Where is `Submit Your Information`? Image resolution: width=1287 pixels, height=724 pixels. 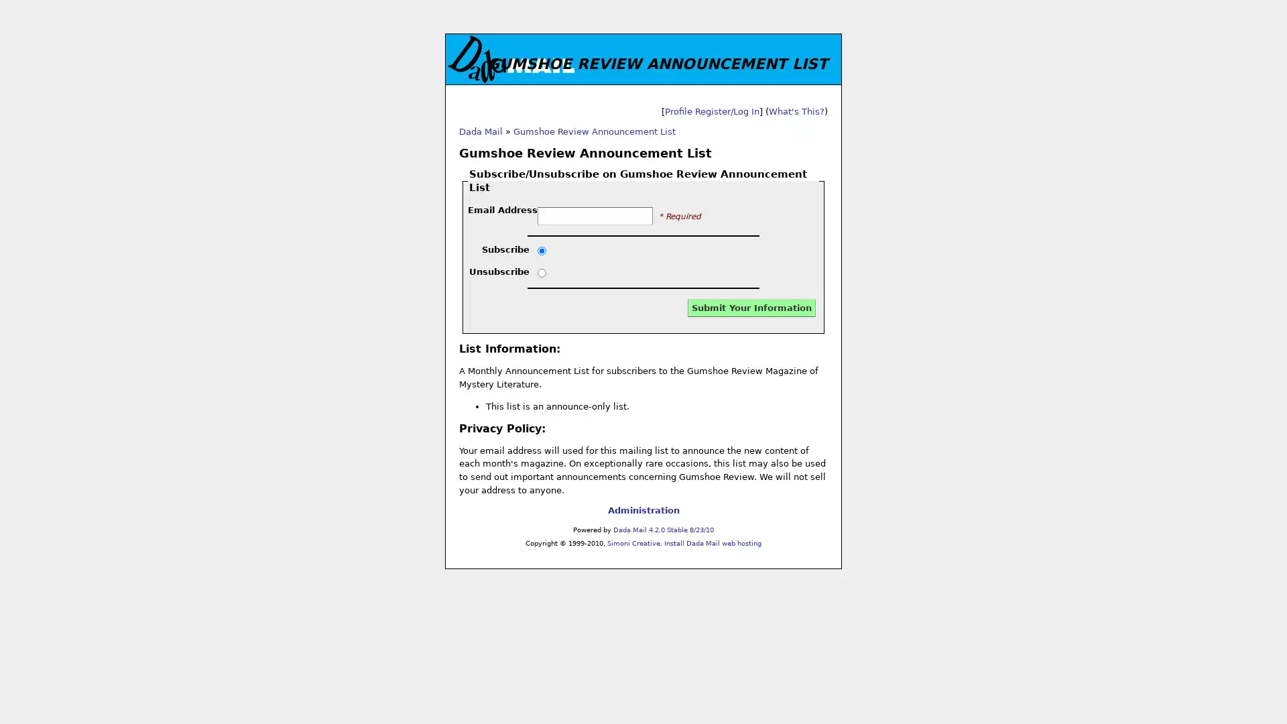
Submit Your Information is located at coordinates (751, 307).